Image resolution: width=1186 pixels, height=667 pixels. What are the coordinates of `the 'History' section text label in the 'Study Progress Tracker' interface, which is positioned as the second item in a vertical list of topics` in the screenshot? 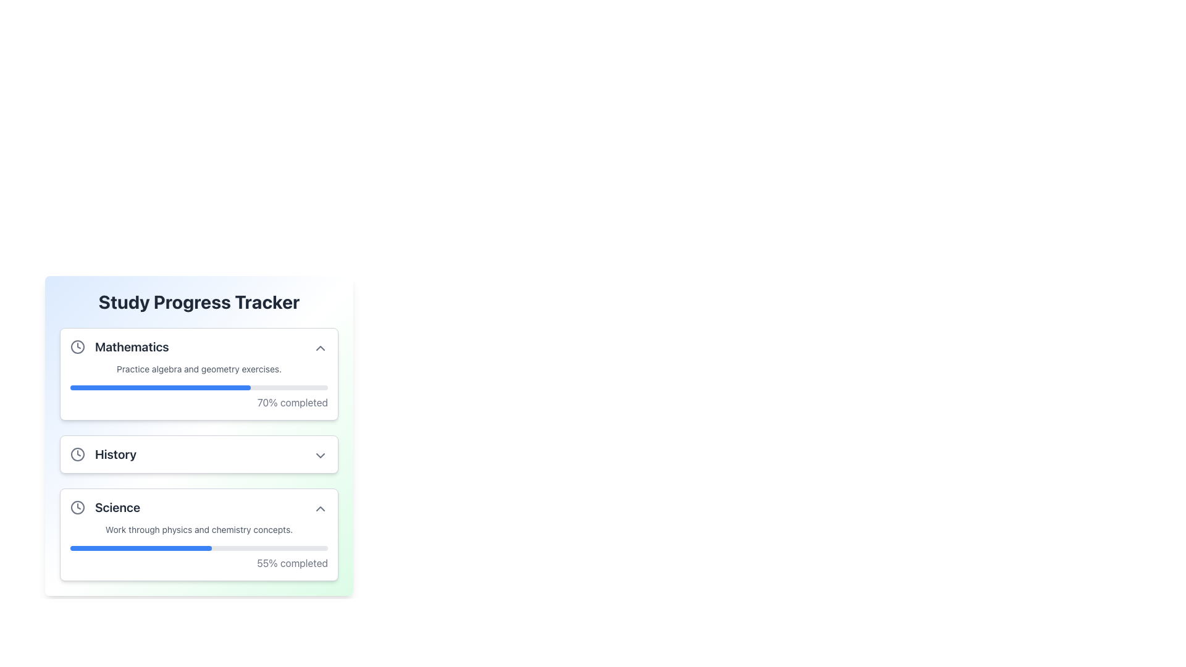 It's located at (116, 455).